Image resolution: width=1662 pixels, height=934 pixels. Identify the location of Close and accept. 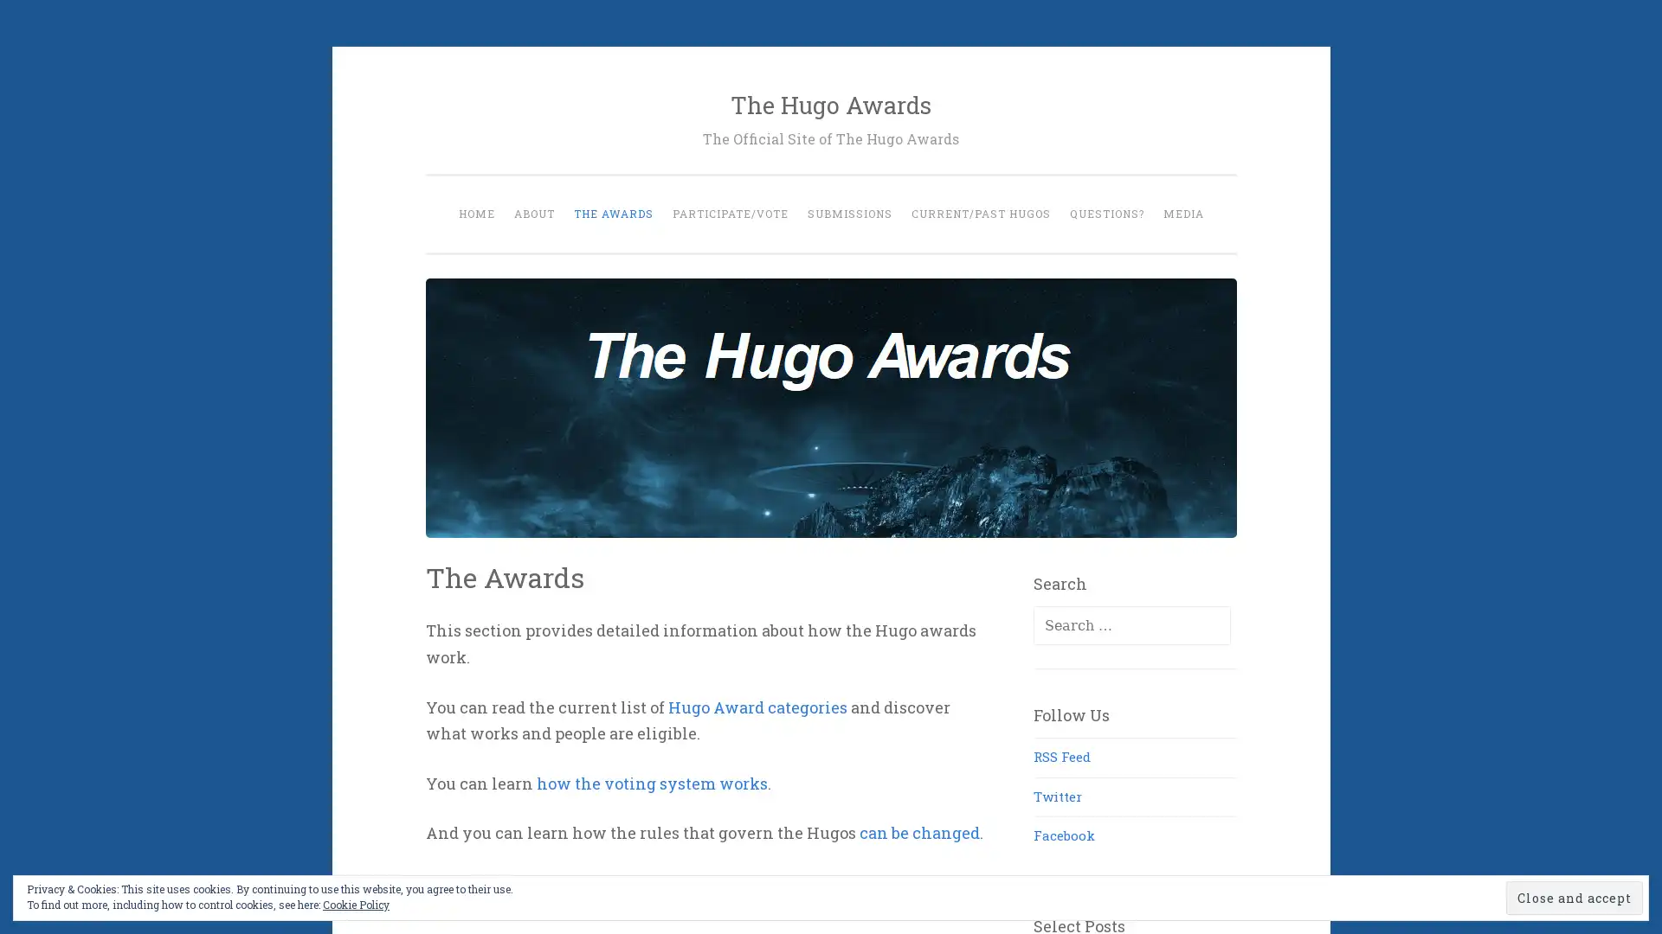
(1575, 897).